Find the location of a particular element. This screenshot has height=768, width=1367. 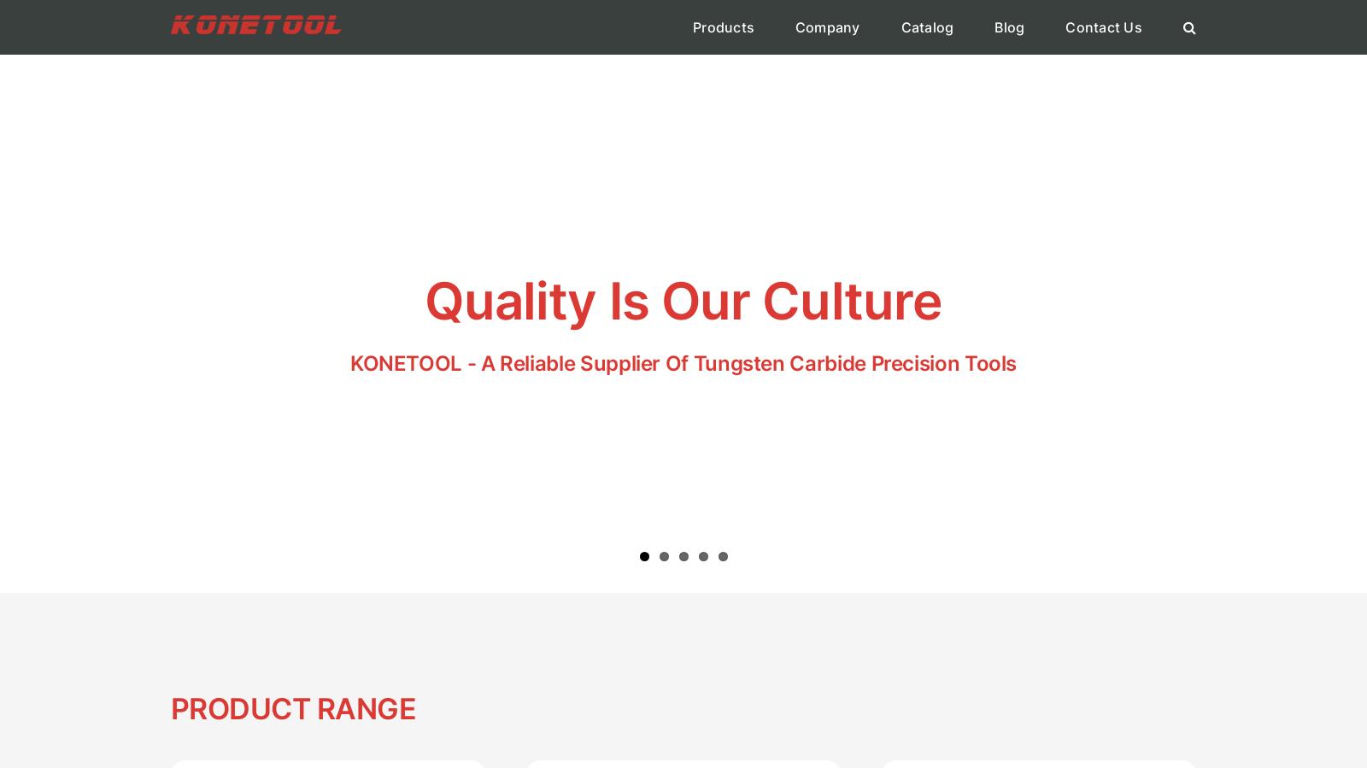

'Converting' is located at coordinates (492, 166).